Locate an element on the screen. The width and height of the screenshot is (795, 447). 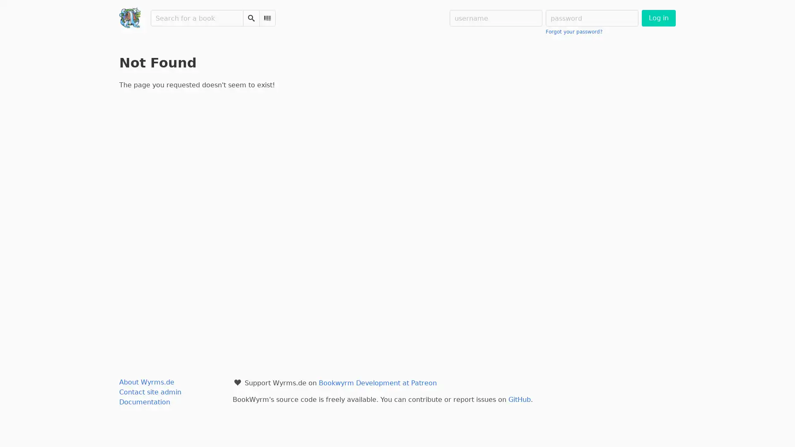
Log in is located at coordinates (658, 18).